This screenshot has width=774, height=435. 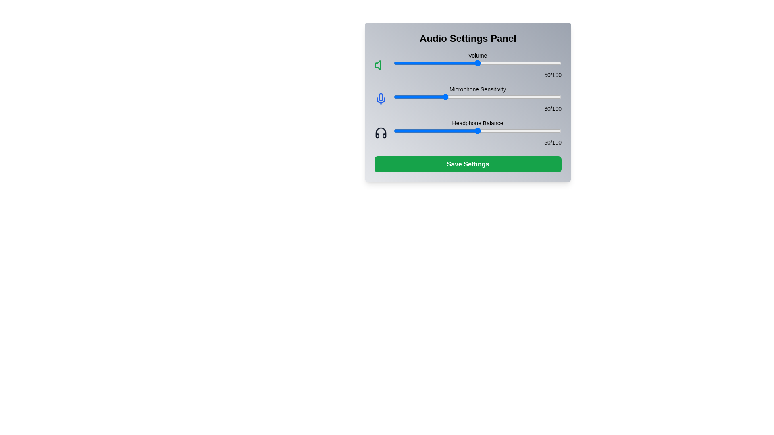 What do you see at coordinates (554, 130) in the screenshot?
I see `headphone balance` at bounding box center [554, 130].